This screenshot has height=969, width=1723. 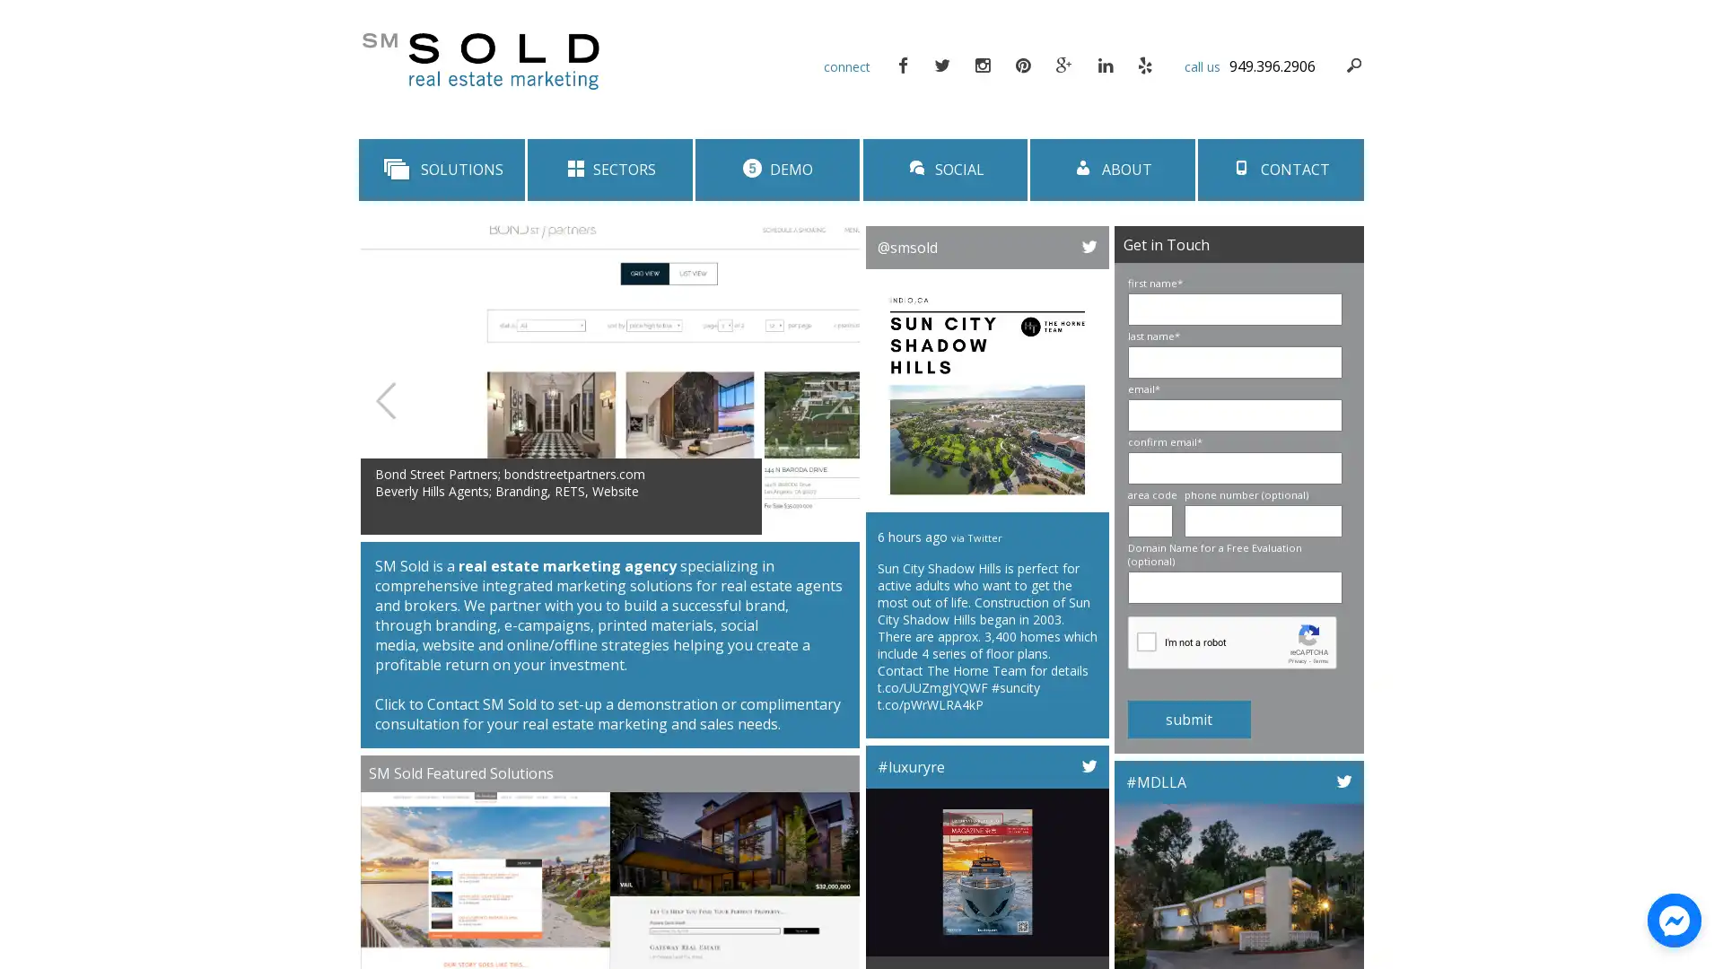 I want to click on submit, so click(x=1188, y=718).